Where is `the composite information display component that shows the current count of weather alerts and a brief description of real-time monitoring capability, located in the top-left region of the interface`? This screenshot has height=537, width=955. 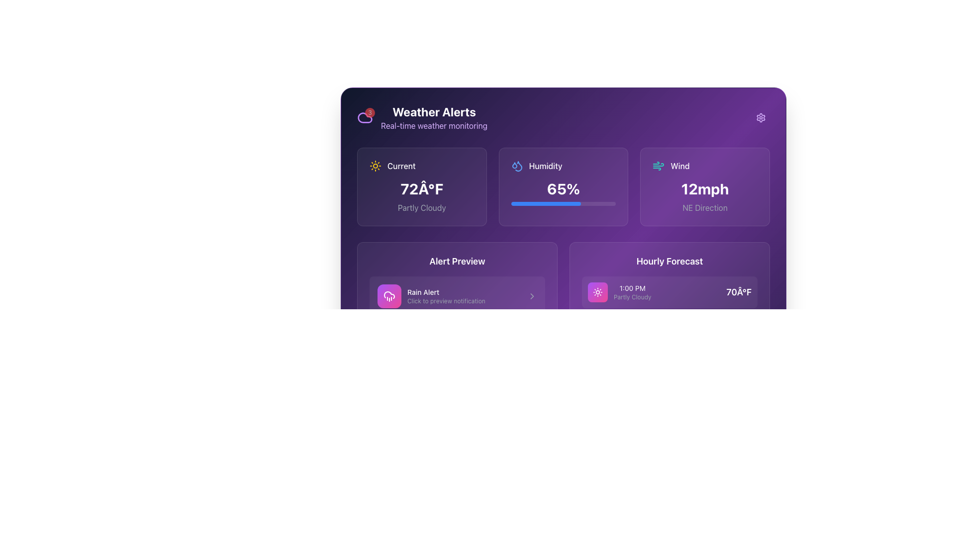
the composite information display component that shows the current count of weather alerts and a brief description of real-time monitoring capability, located in the top-left region of the interface is located at coordinates (422, 117).